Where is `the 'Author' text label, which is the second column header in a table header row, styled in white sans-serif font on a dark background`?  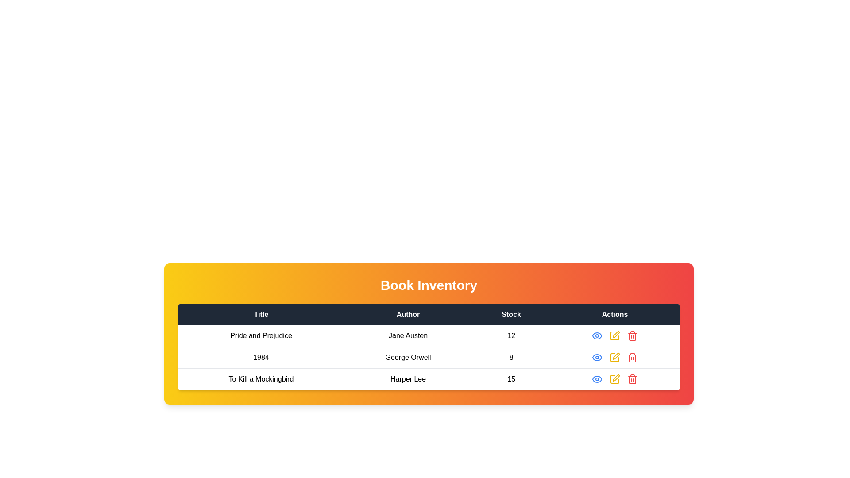
the 'Author' text label, which is the second column header in a table header row, styled in white sans-serif font on a dark background is located at coordinates (408, 314).